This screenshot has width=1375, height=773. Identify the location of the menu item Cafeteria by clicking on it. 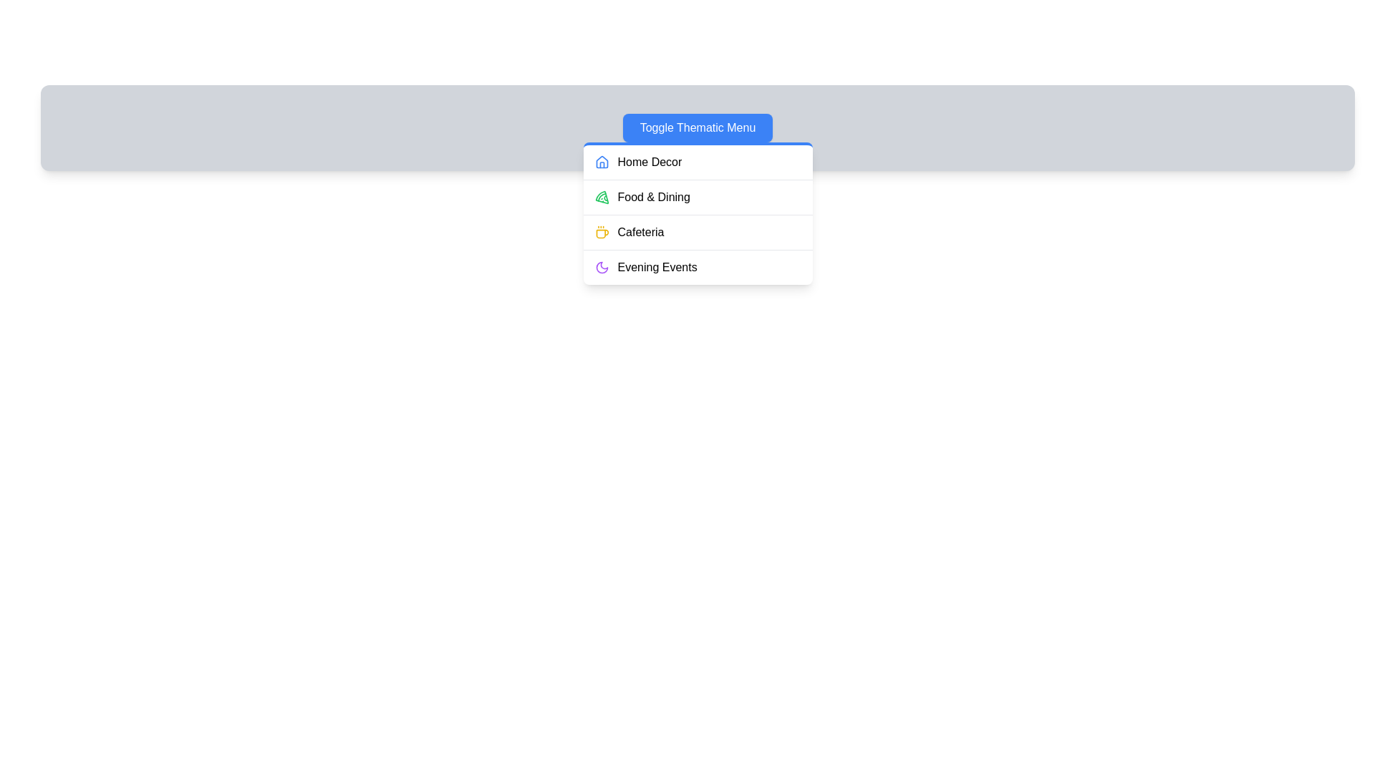
(698, 231).